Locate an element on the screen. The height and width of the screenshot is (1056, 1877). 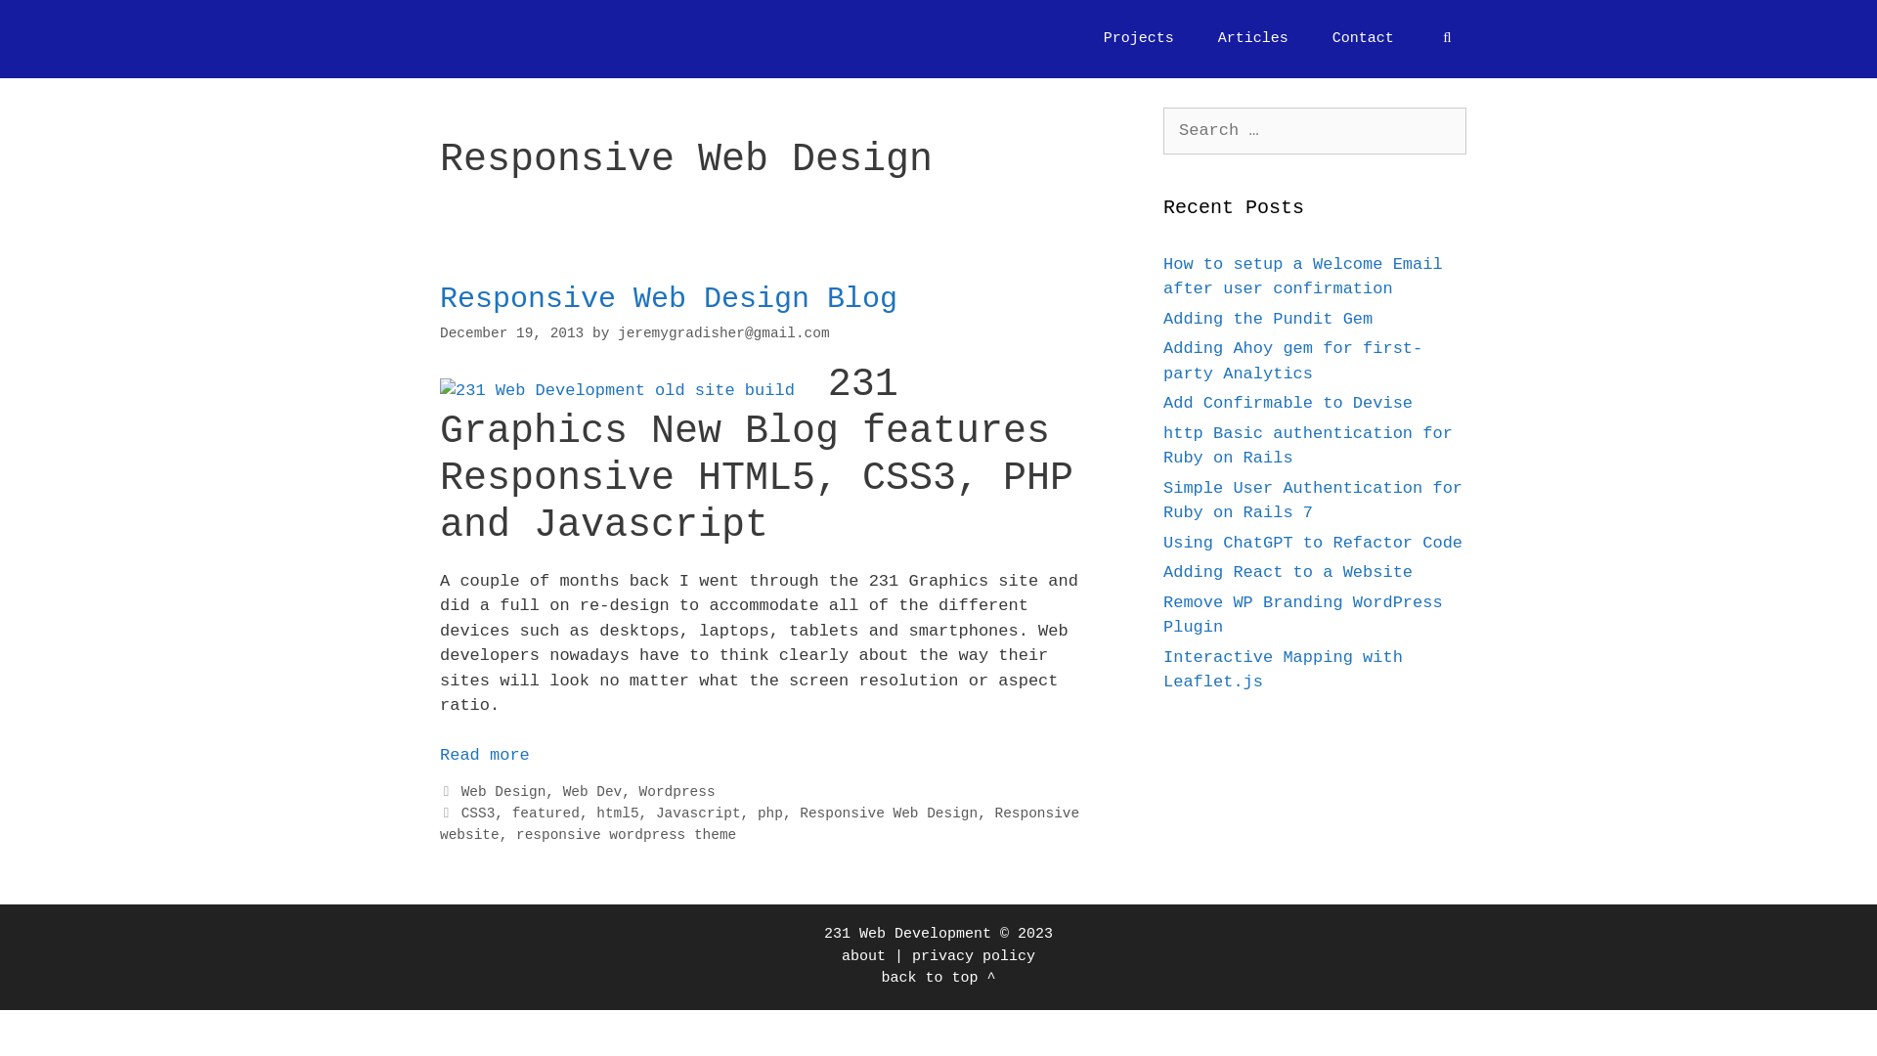
'Adding the Pundit Gem' is located at coordinates (1267, 317).